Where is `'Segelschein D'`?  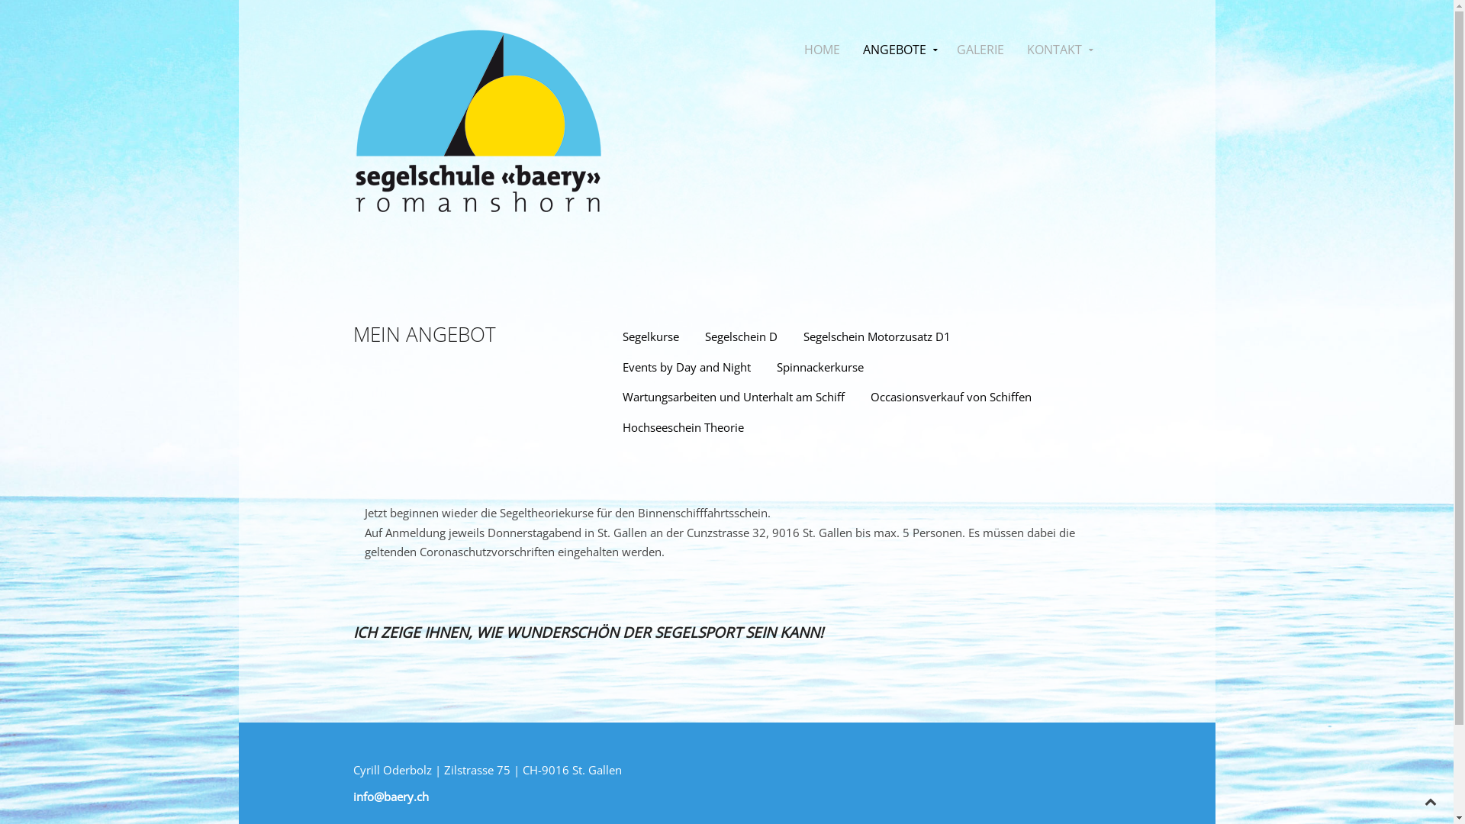
'Segelschein D' is located at coordinates (741, 336).